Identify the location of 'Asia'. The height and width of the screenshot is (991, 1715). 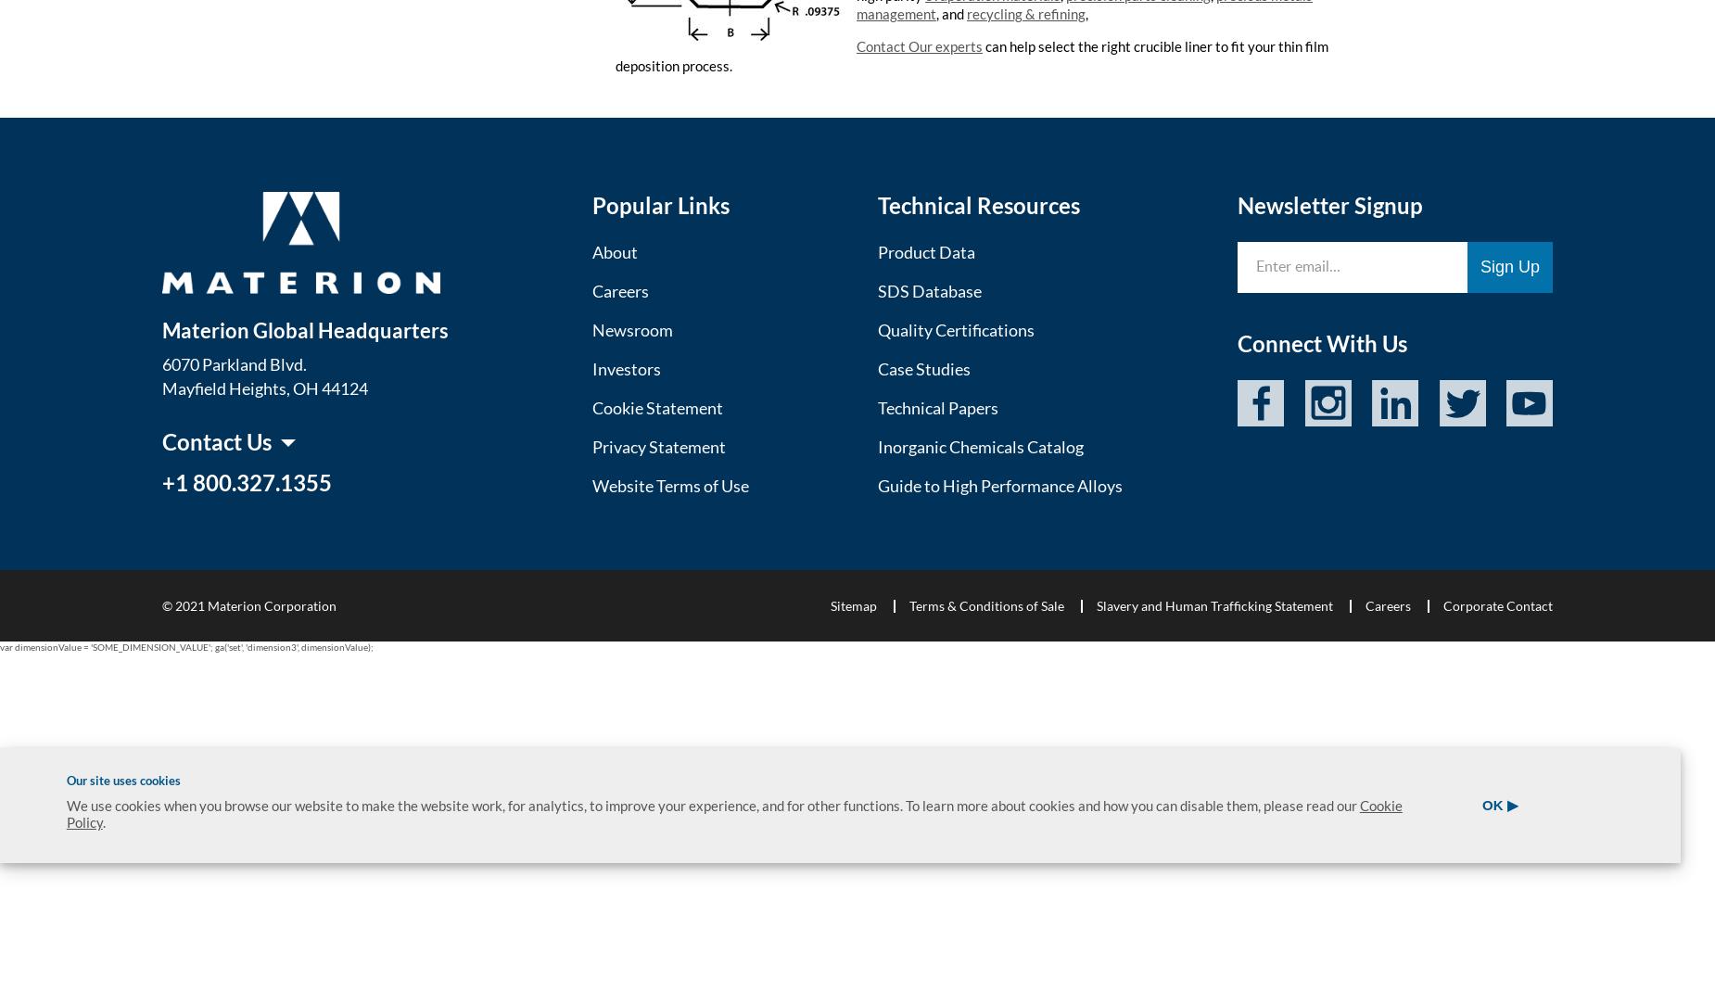
(186, 473).